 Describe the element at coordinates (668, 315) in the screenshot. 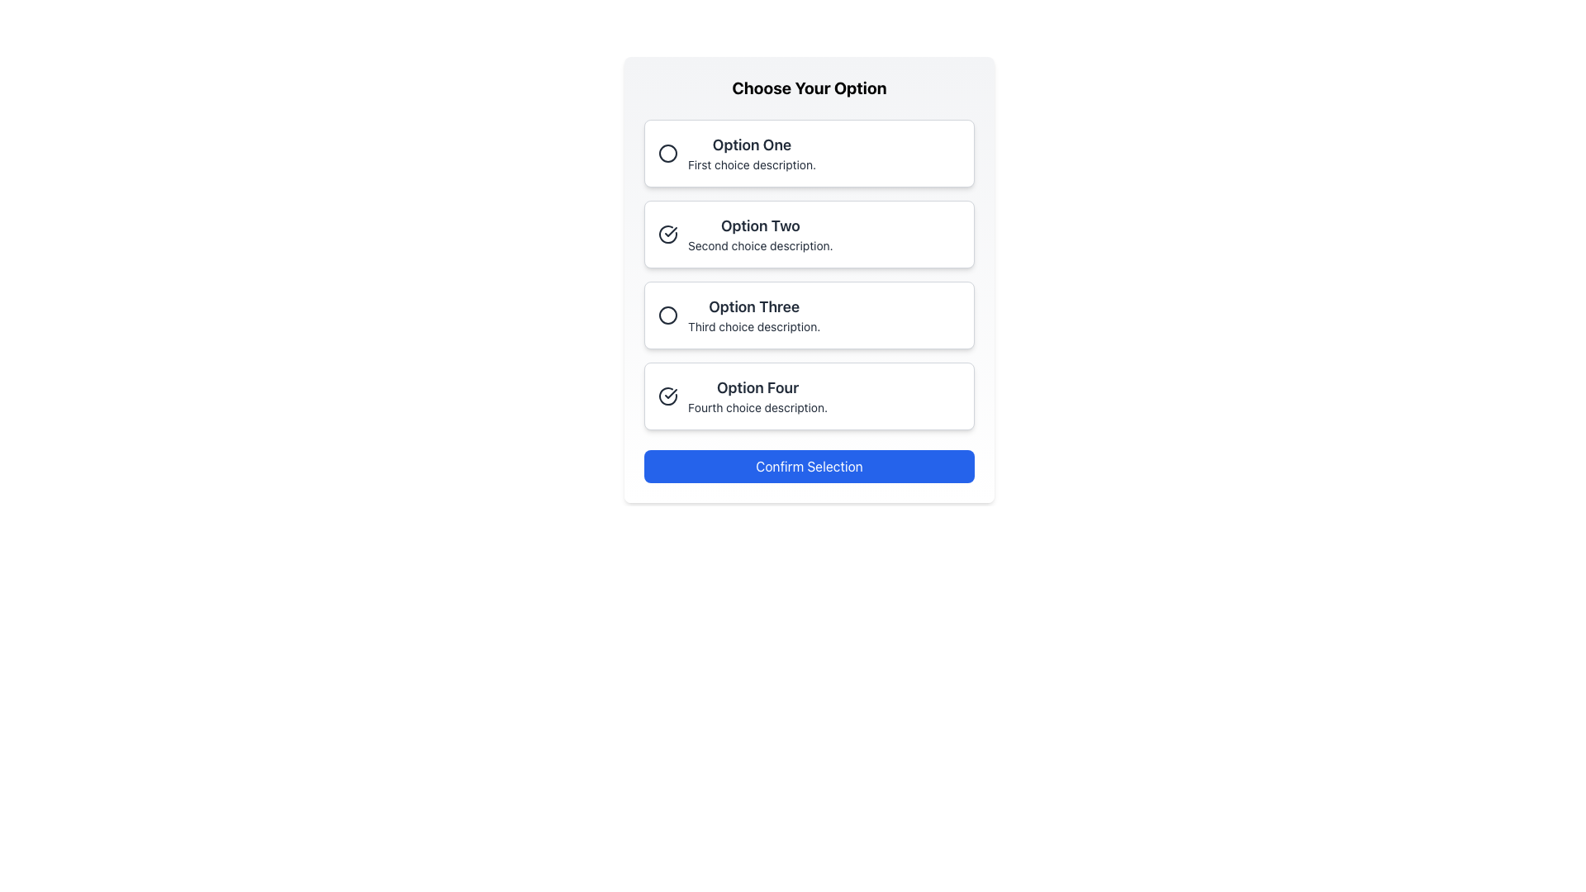

I see `the radio button for 'Option Three'` at that location.